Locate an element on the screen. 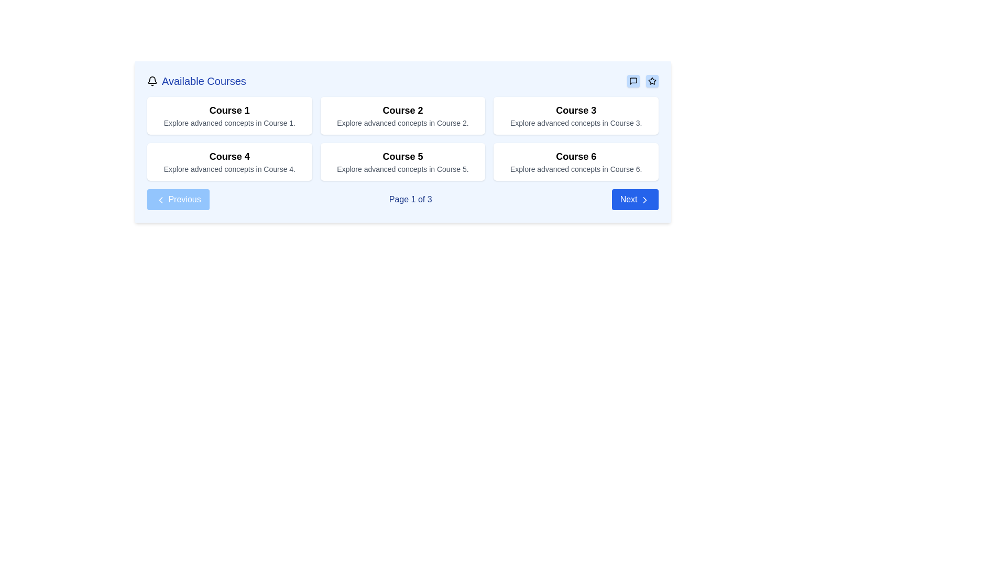 Image resolution: width=1006 pixels, height=566 pixels. the speech bubble icon located in the group of interactive icons at the top-right corner of the 'Available Courses' component is located at coordinates (642, 80).